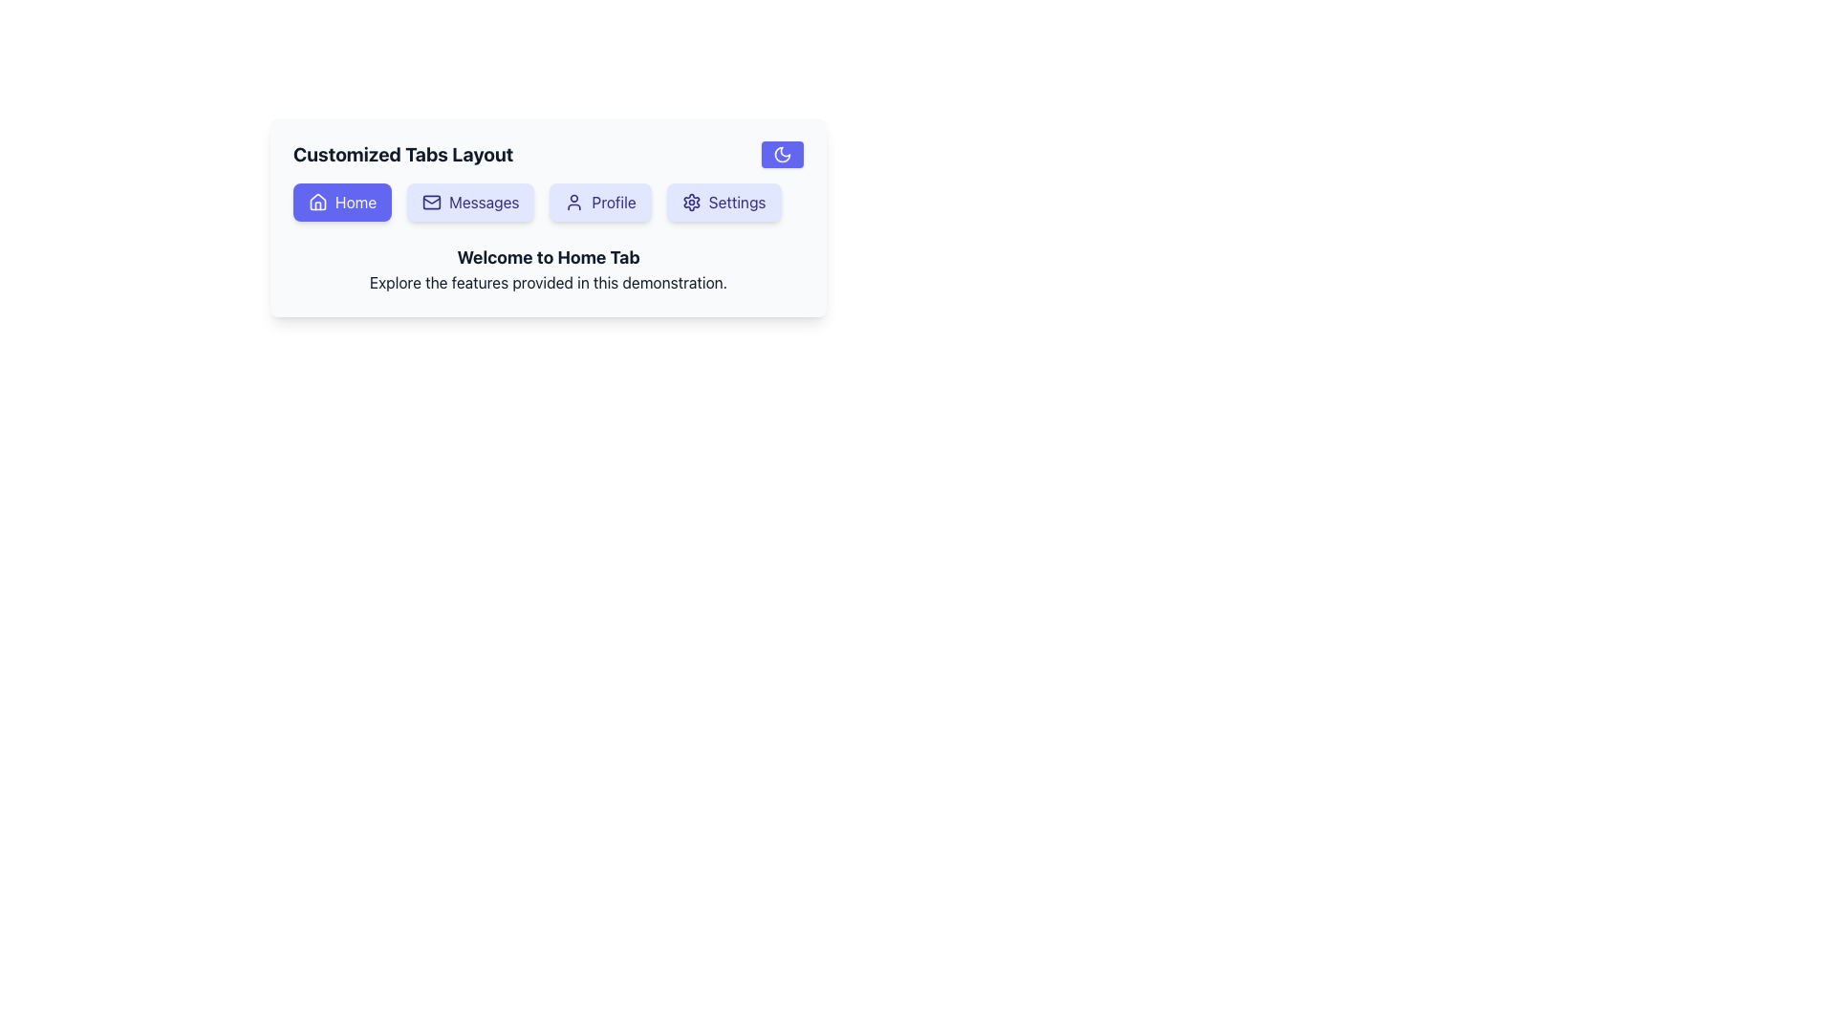 The image size is (1835, 1032). Describe the element at coordinates (736, 203) in the screenshot. I see `the 'Settings' button in the tab navigation bar` at that location.